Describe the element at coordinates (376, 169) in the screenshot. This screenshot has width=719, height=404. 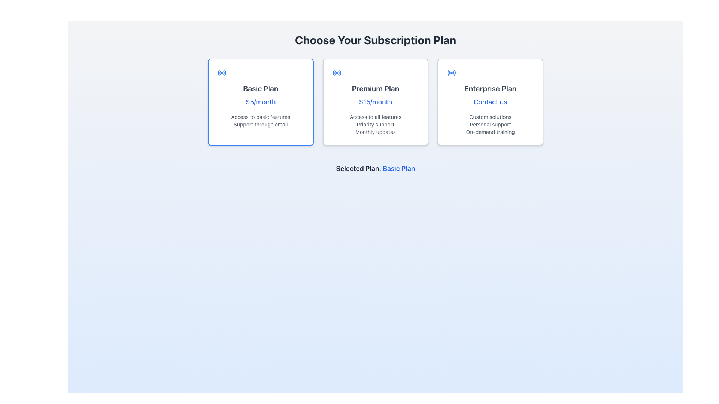
I see `the text label that indicates the currently selected subscription plan, located beneath the subscription plan cards section` at that location.